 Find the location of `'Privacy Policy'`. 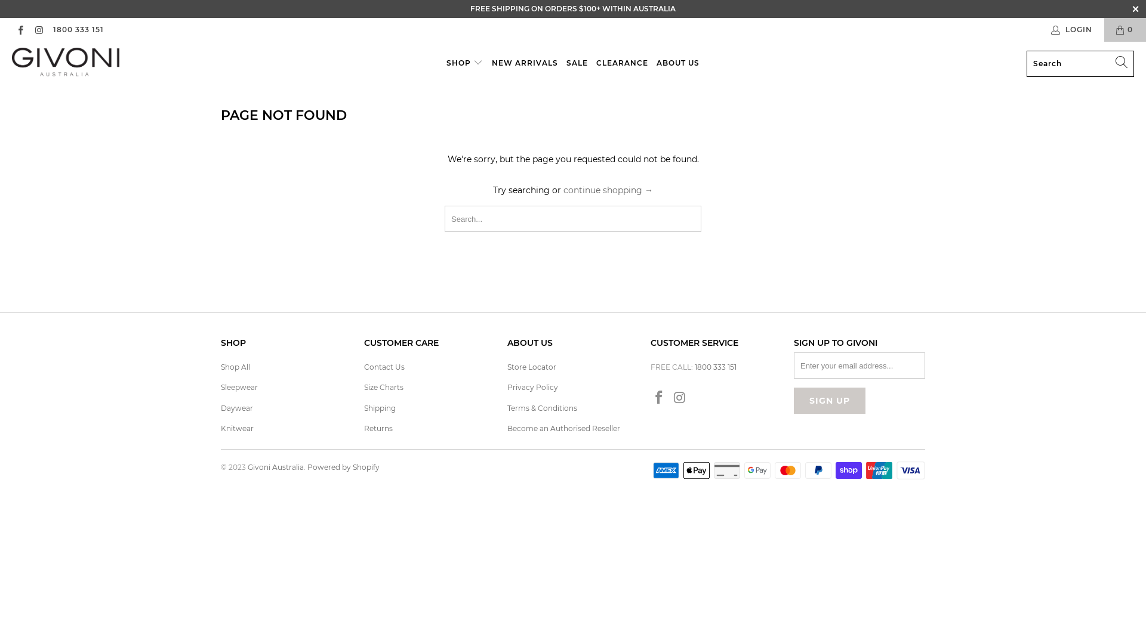

'Privacy Policy' is located at coordinates (532, 387).